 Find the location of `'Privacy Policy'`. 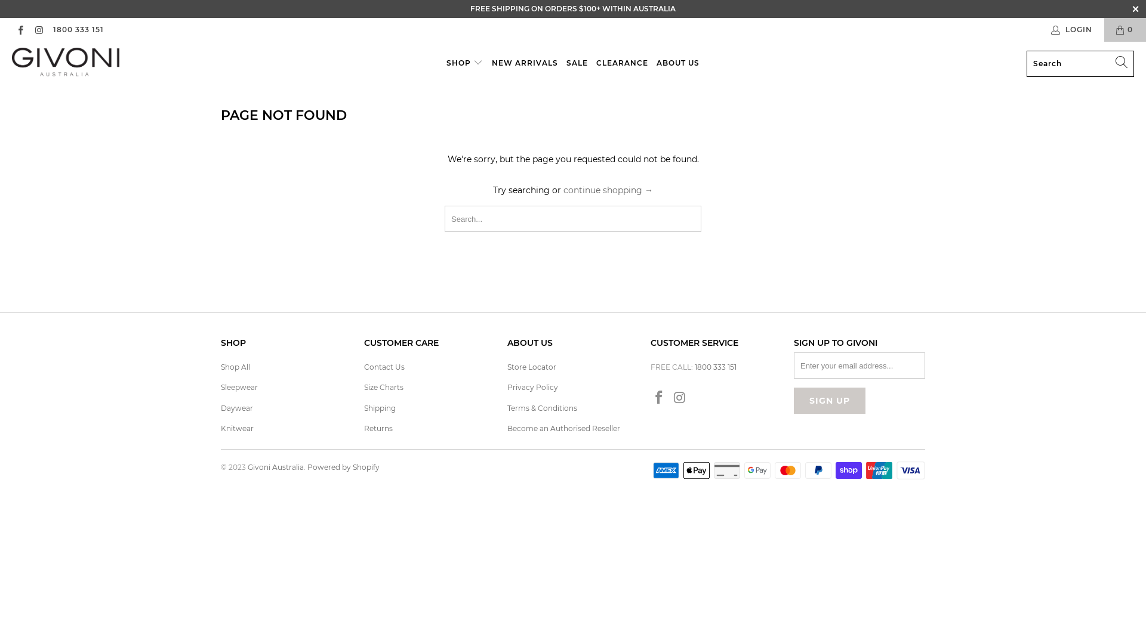

'Privacy Policy' is located at coordinates (532, 387).